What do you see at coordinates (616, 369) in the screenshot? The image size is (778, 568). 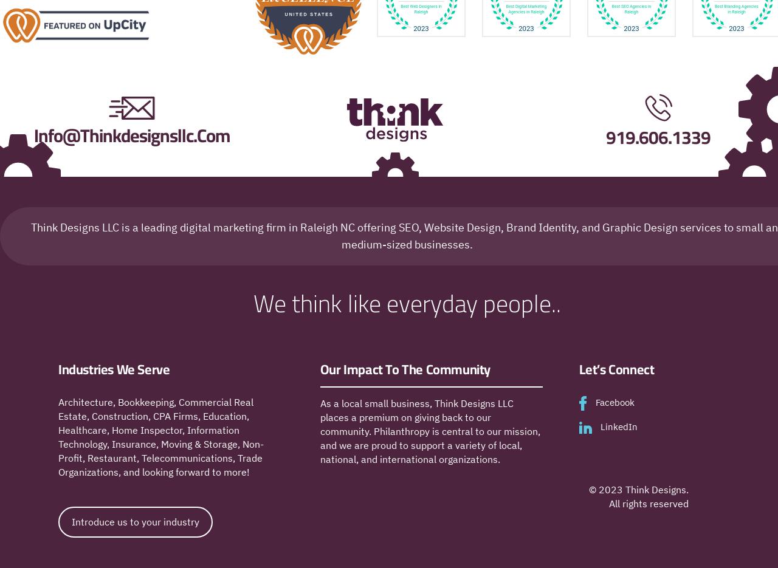 I see `'Let’s connect'` at bounding box center [616, 369].